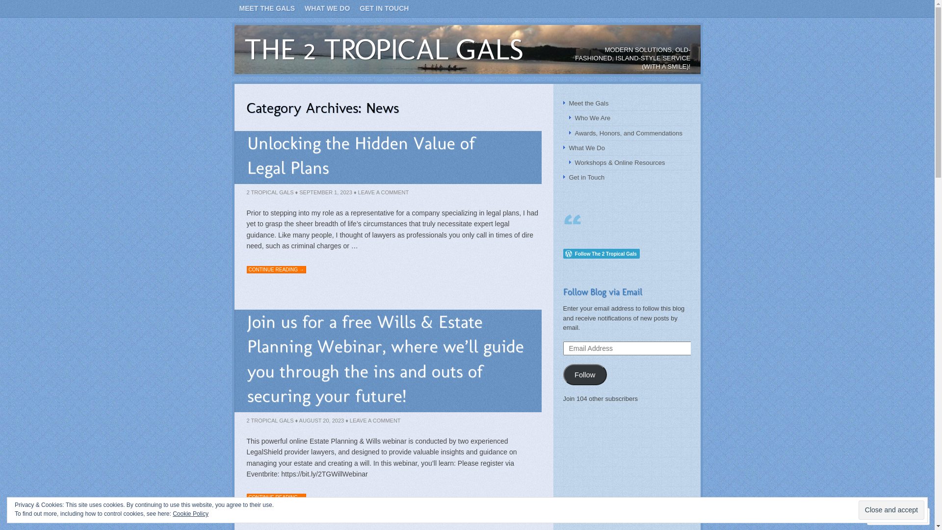  Describe the element at coordinates (575, 133) in the screenshot. I see `'Awards, Honors, and Commendations'` at that location.